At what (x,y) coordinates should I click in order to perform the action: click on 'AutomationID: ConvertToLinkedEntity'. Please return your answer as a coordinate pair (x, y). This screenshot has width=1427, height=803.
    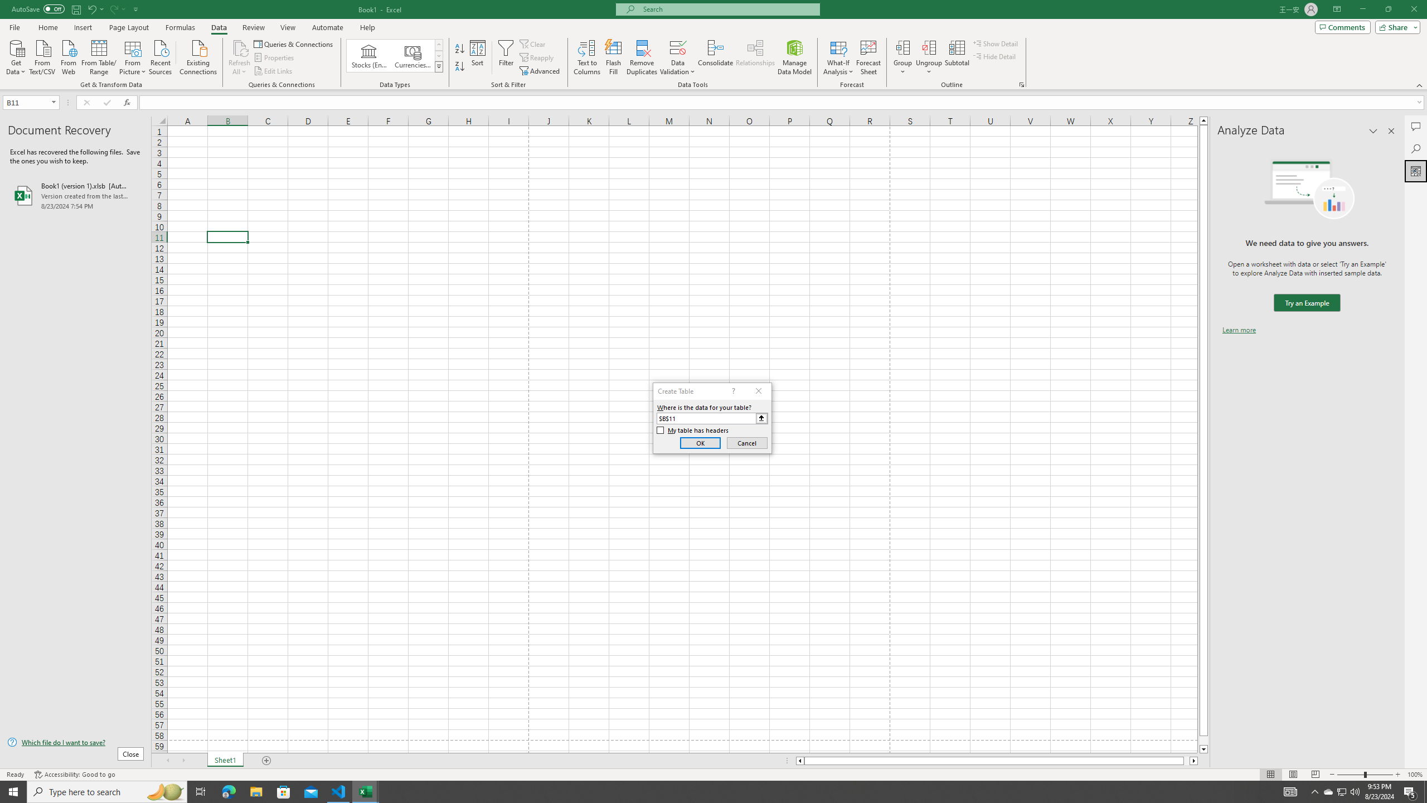
    Looking at the image, I should click on (395, 55).